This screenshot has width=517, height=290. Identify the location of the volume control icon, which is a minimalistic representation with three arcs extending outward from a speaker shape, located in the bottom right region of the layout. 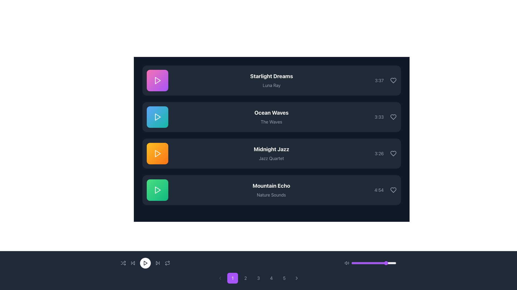
(347, 263).